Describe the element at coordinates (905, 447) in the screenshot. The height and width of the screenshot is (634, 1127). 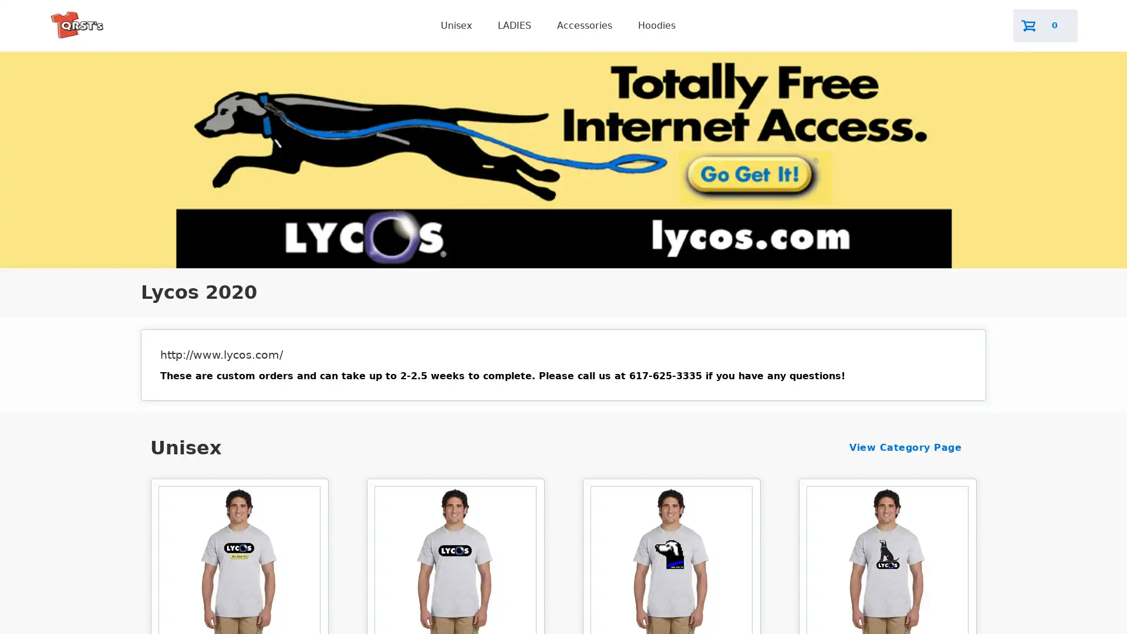
I see `View Category Page` at that location.